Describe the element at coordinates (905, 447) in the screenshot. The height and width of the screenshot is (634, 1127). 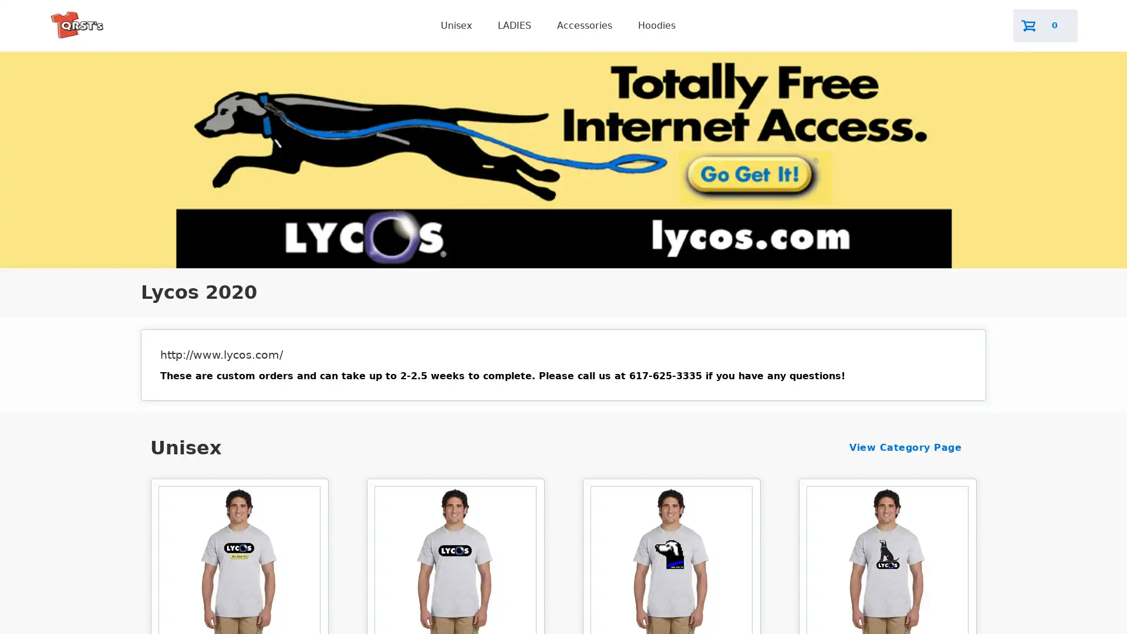
I see `View Category Page` at that location.